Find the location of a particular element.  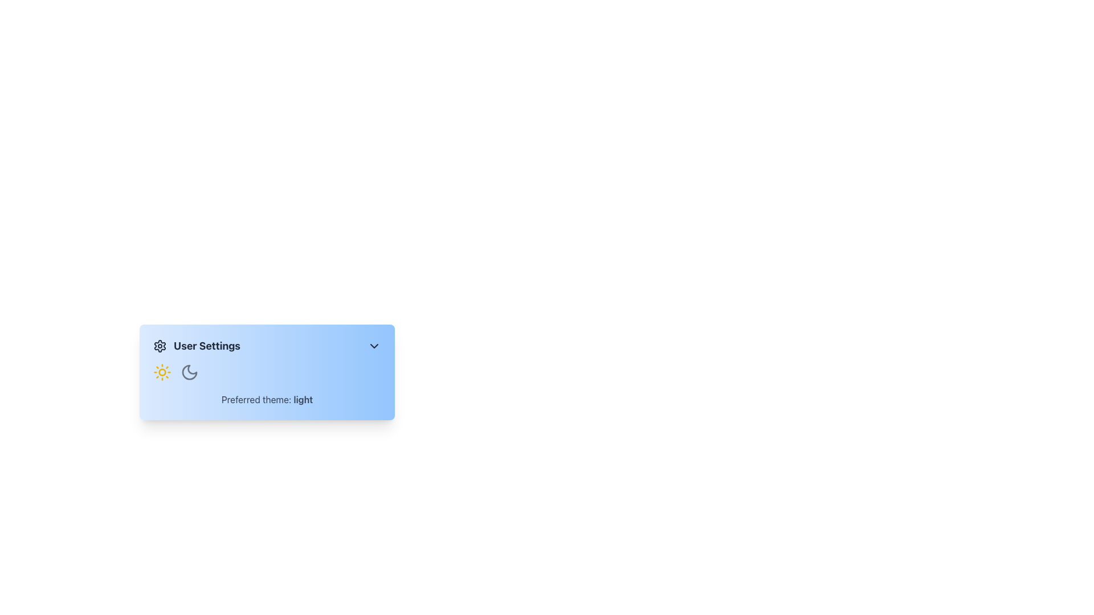

the Sun icon in the User Settings section is located at coordinates (161, 372).